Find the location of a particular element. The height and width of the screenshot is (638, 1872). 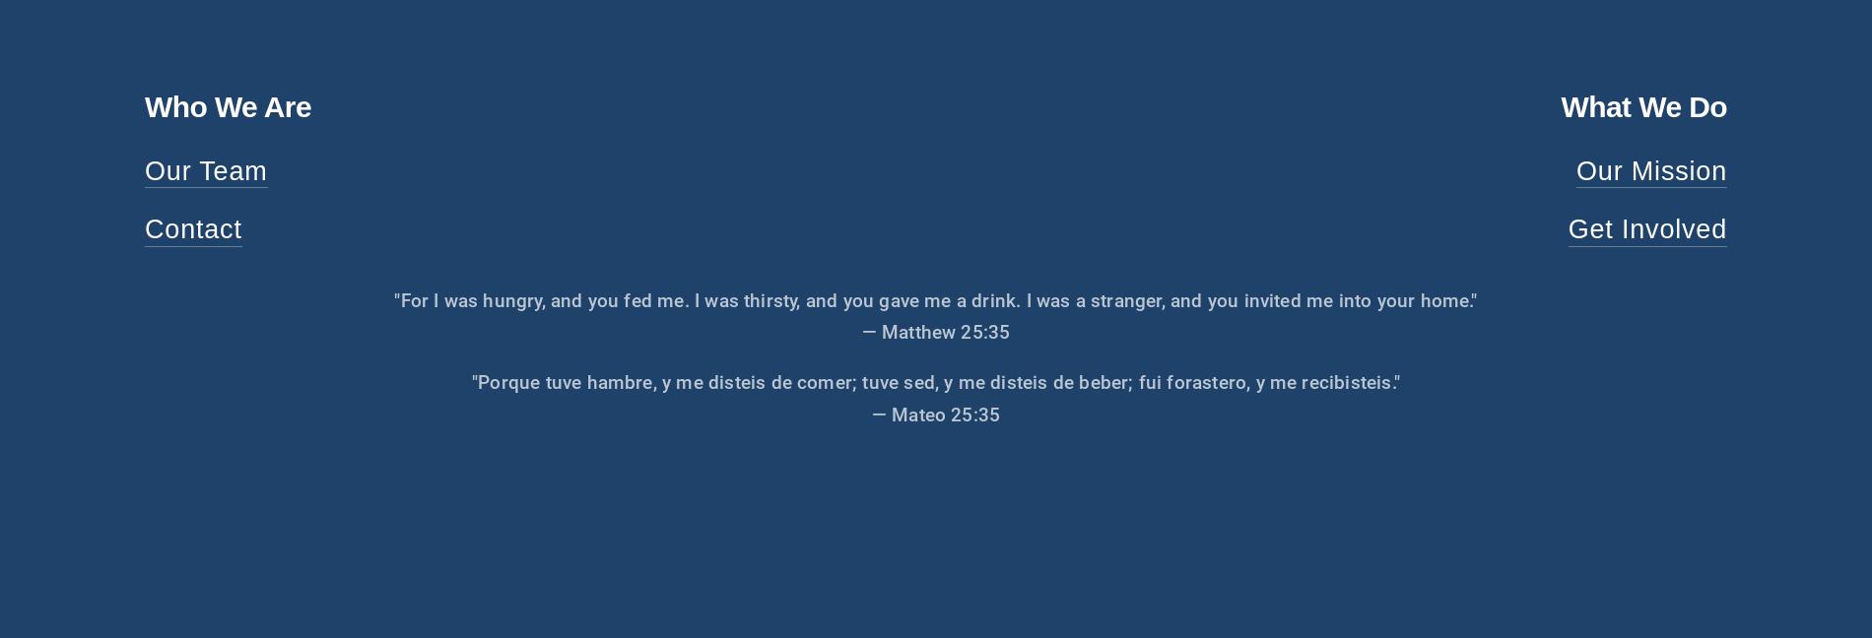

'Get Involved' is located at coordinates (1646, 228).